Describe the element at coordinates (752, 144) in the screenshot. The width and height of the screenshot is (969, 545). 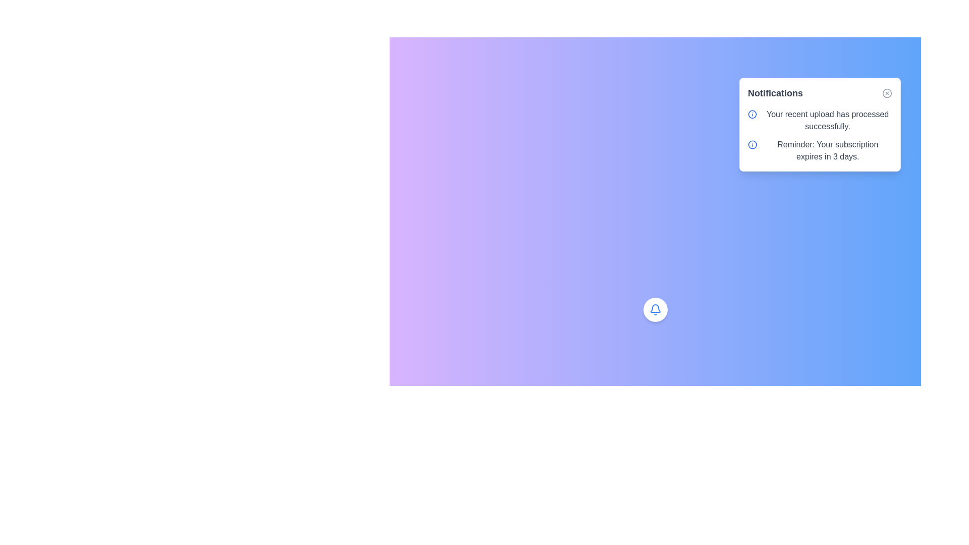
I see `the alert icon located to the left of the 'Reminder: Your subscription expires in 3 days.' text in the notification box` at that location.